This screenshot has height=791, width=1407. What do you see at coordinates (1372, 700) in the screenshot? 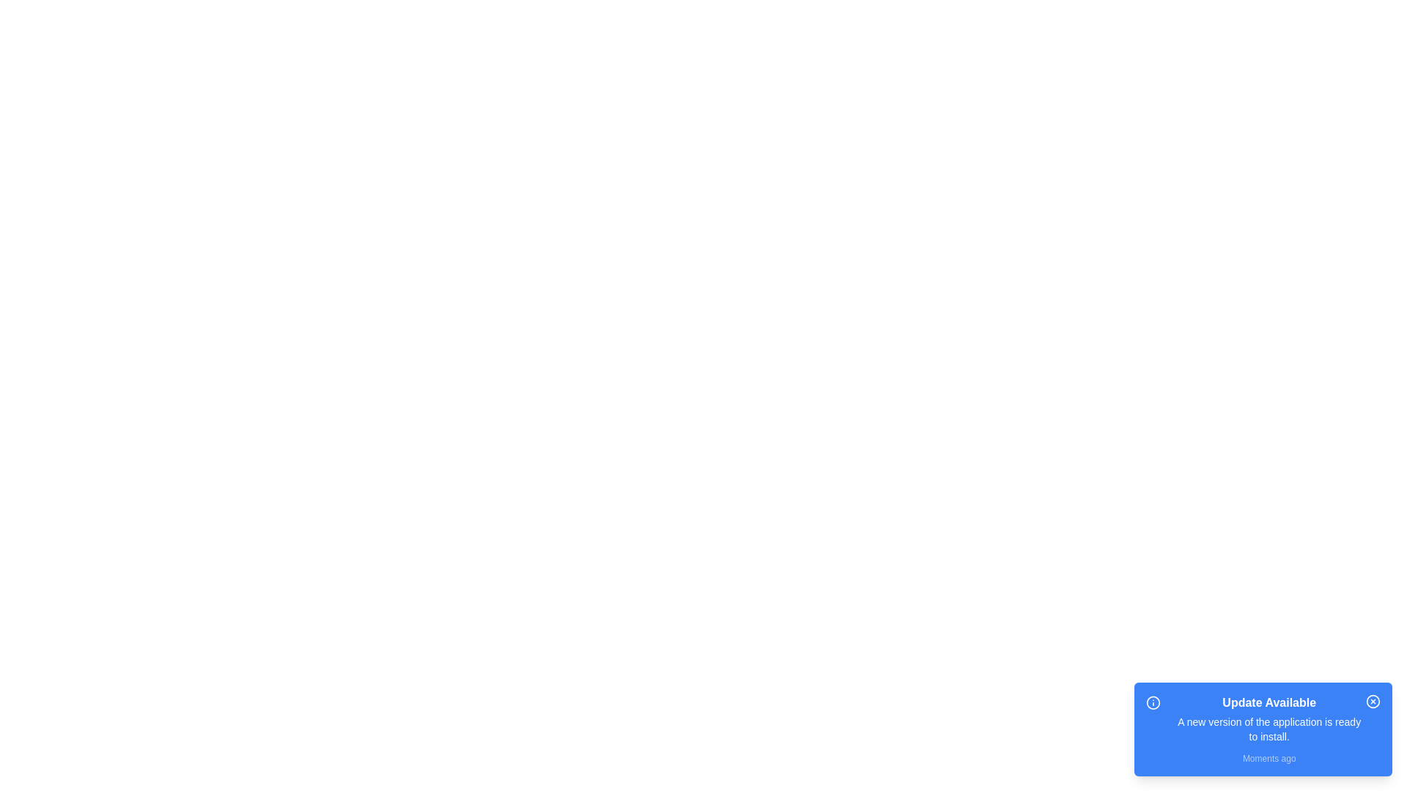
I see `the close button of the notification to dismiss it` at bounding box center [1372, 700].